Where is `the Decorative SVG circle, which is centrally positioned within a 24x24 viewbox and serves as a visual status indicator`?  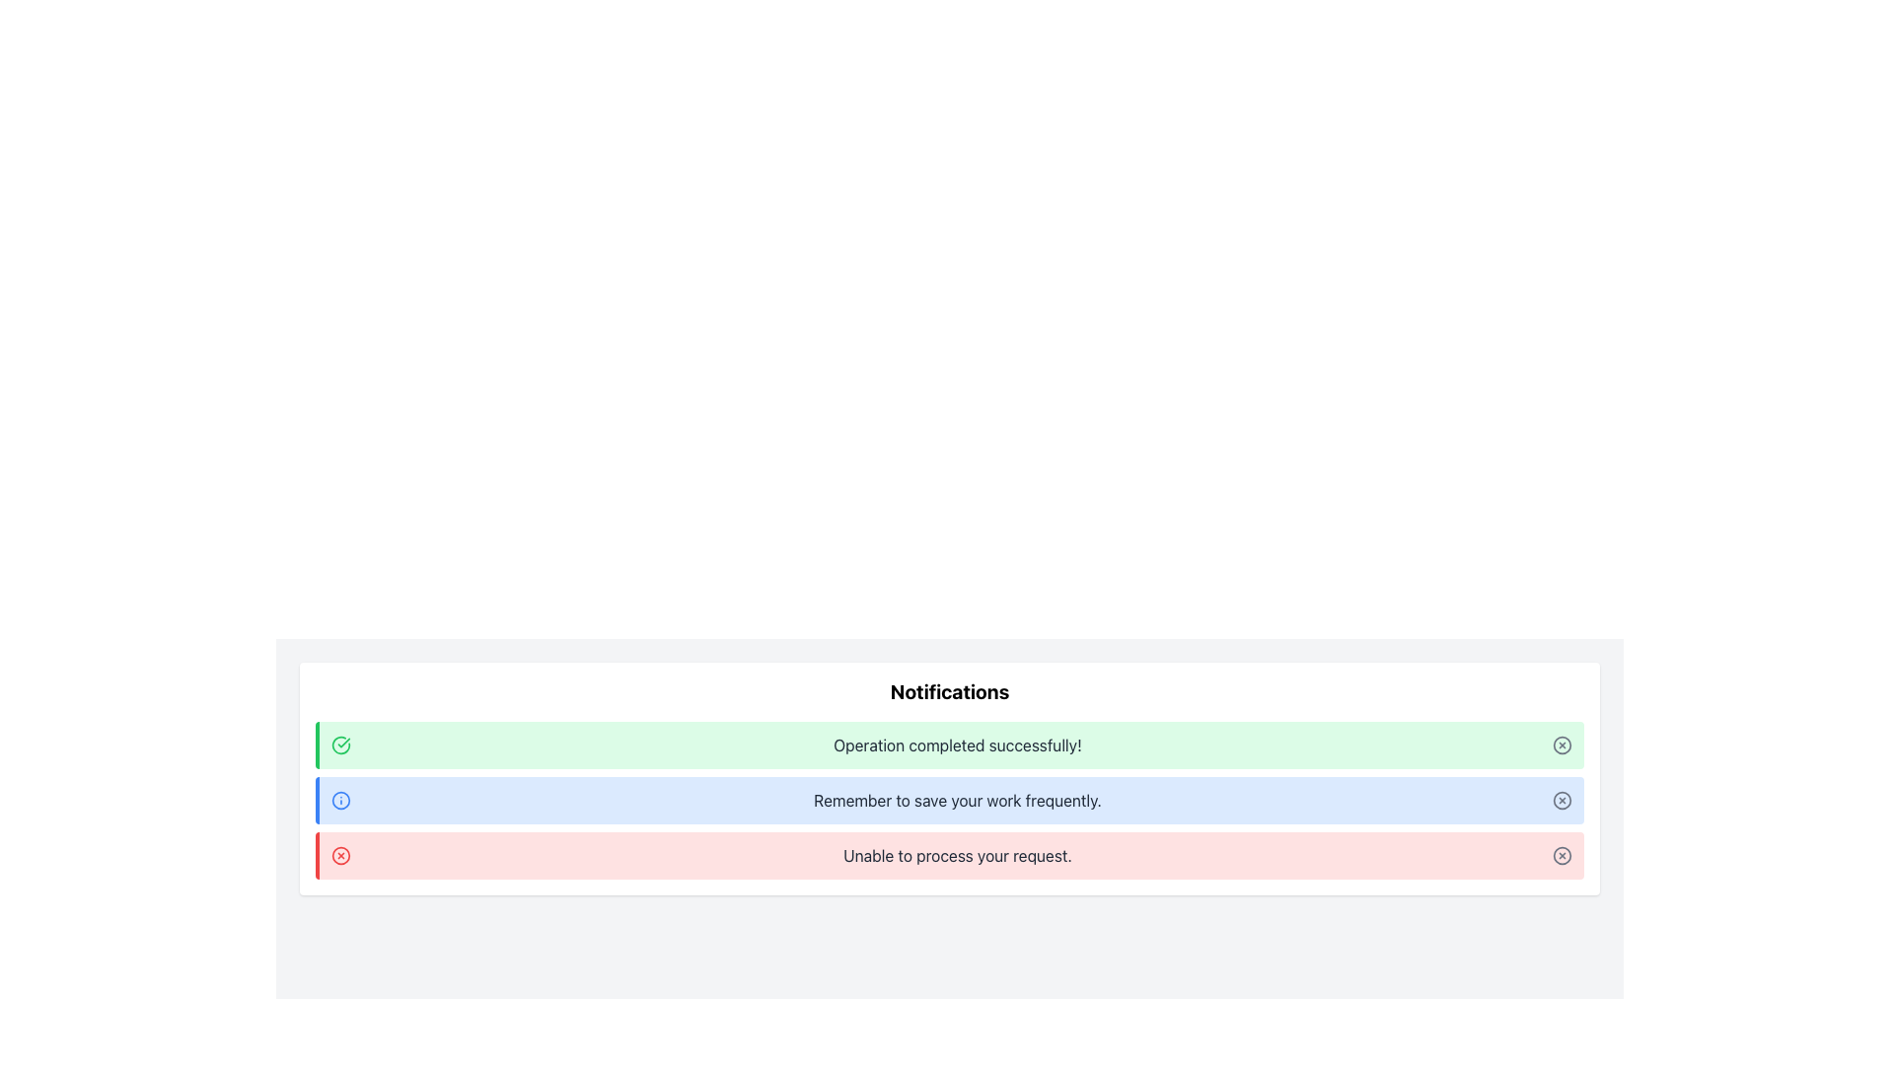 the Decorative SVG circle, which is centrally positioned within a 24x24 viewbox and serves as a visual status indicator is located at coordinates (1562, 745).